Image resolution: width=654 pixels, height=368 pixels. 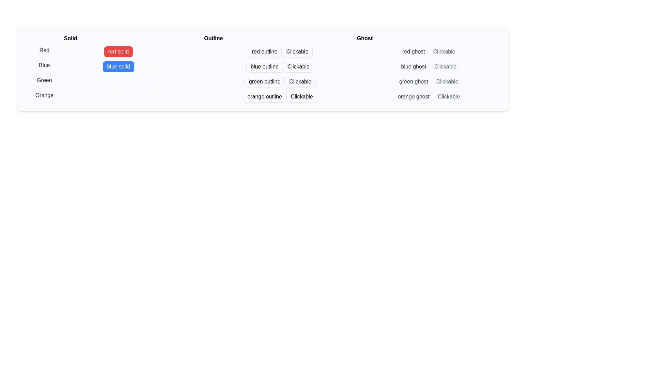 I want to click on the button styled with an orange outline located in the second column labeled 'Outline' within the row associated with 'Orange', positioned to the left of the 'Clickable' button, so click(x=264, y=97).